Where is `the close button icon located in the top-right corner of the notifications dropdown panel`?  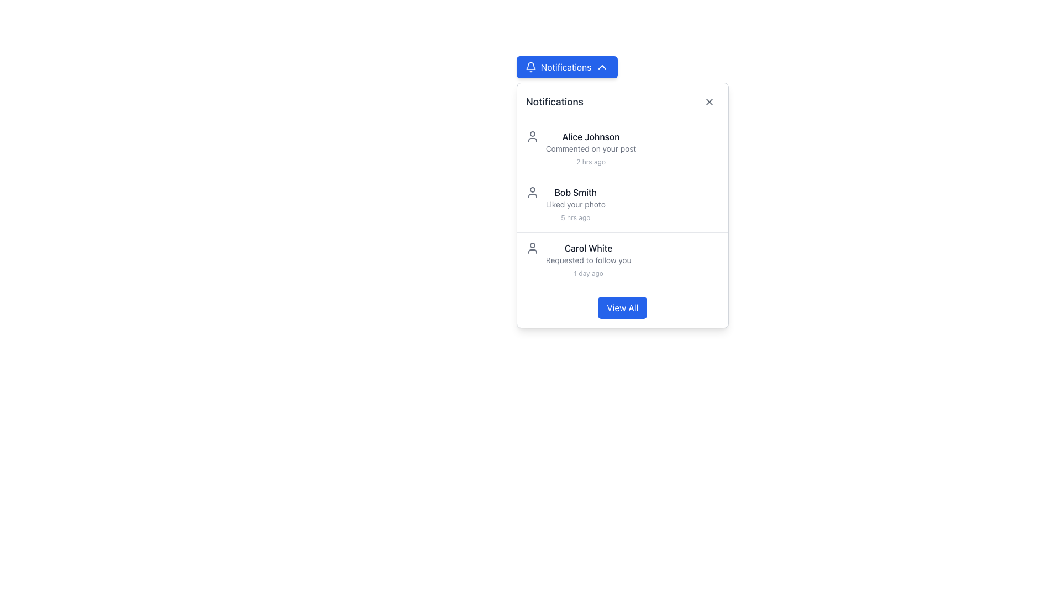 the close button icon located in the top-right corner of the notifications dropdown panel is located at coordinates (709, 102).